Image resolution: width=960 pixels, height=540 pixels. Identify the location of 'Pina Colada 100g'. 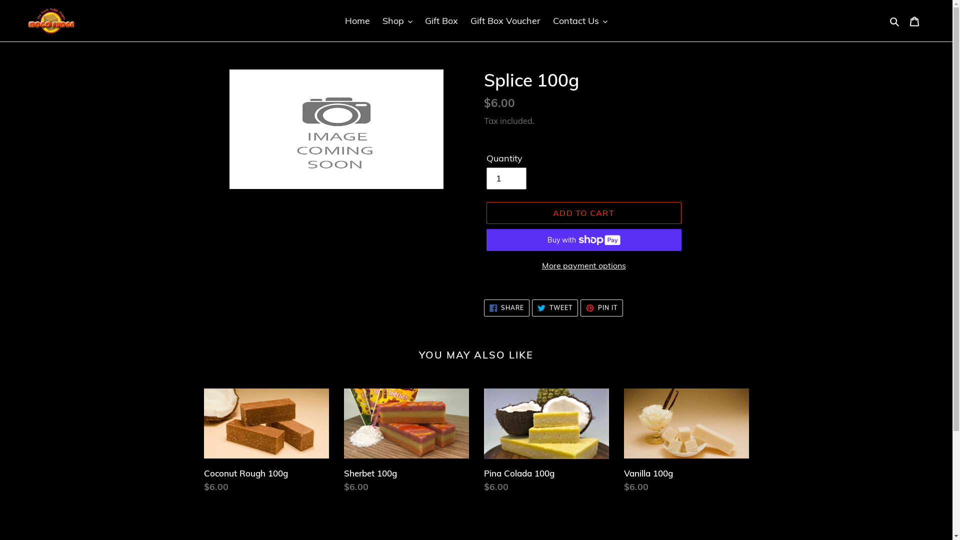
(546, 442).